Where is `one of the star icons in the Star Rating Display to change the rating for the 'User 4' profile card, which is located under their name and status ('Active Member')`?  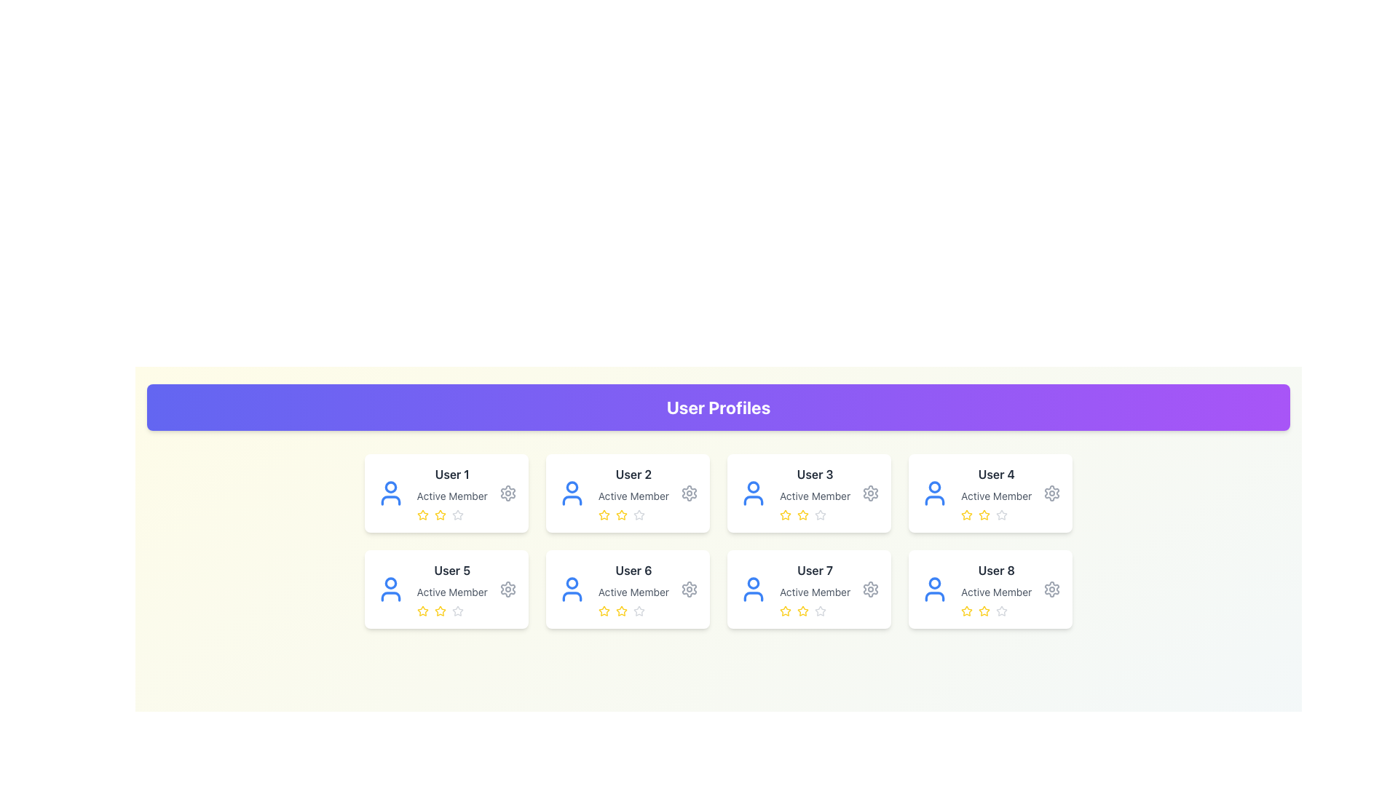 one of the star icons in the Star Rating Display to change the rating for the 'User 4' profile card, which is located under their name and status ('Active Member') is located at coordinates (995, 515).